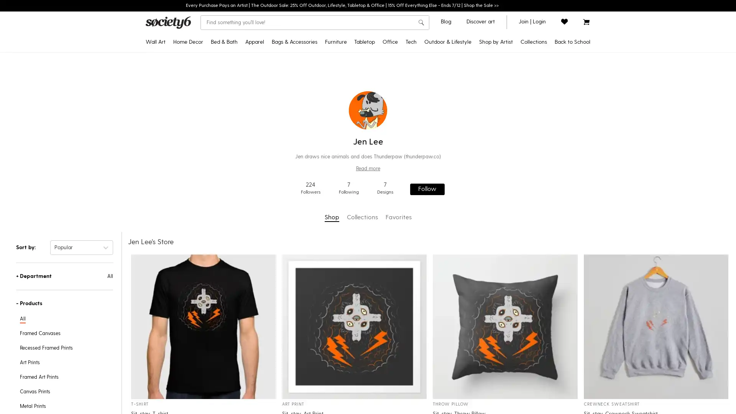 The width and height of the screenshot is (736, 414). Describe the element at coordinates (349, 111) in the screenshot. I see `Side Tables` at that location.